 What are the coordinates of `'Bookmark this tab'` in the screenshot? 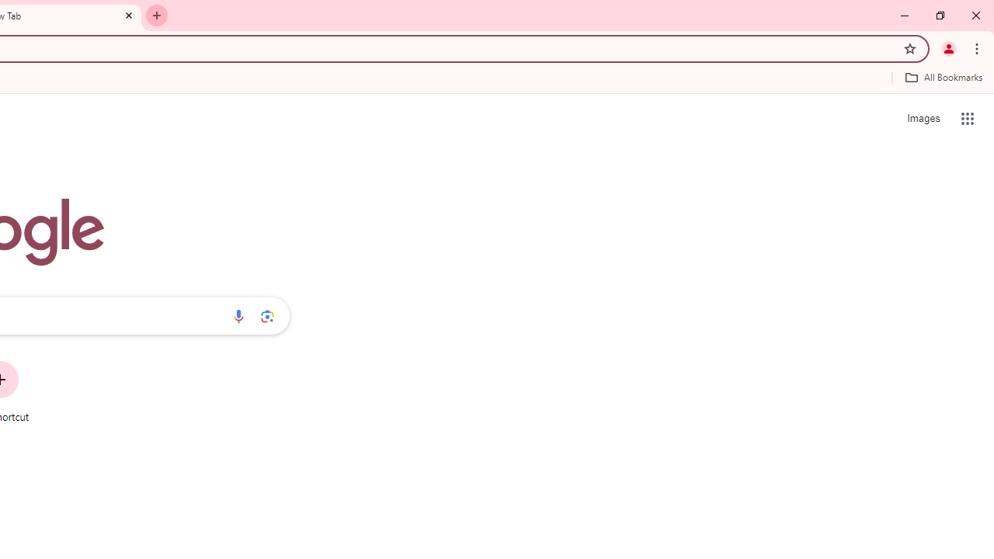 It's located at (909, 47).